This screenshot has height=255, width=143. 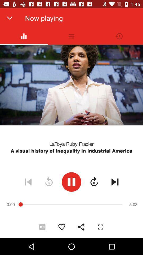 I want to click on the favorite icon, so click(x=61, y=227).